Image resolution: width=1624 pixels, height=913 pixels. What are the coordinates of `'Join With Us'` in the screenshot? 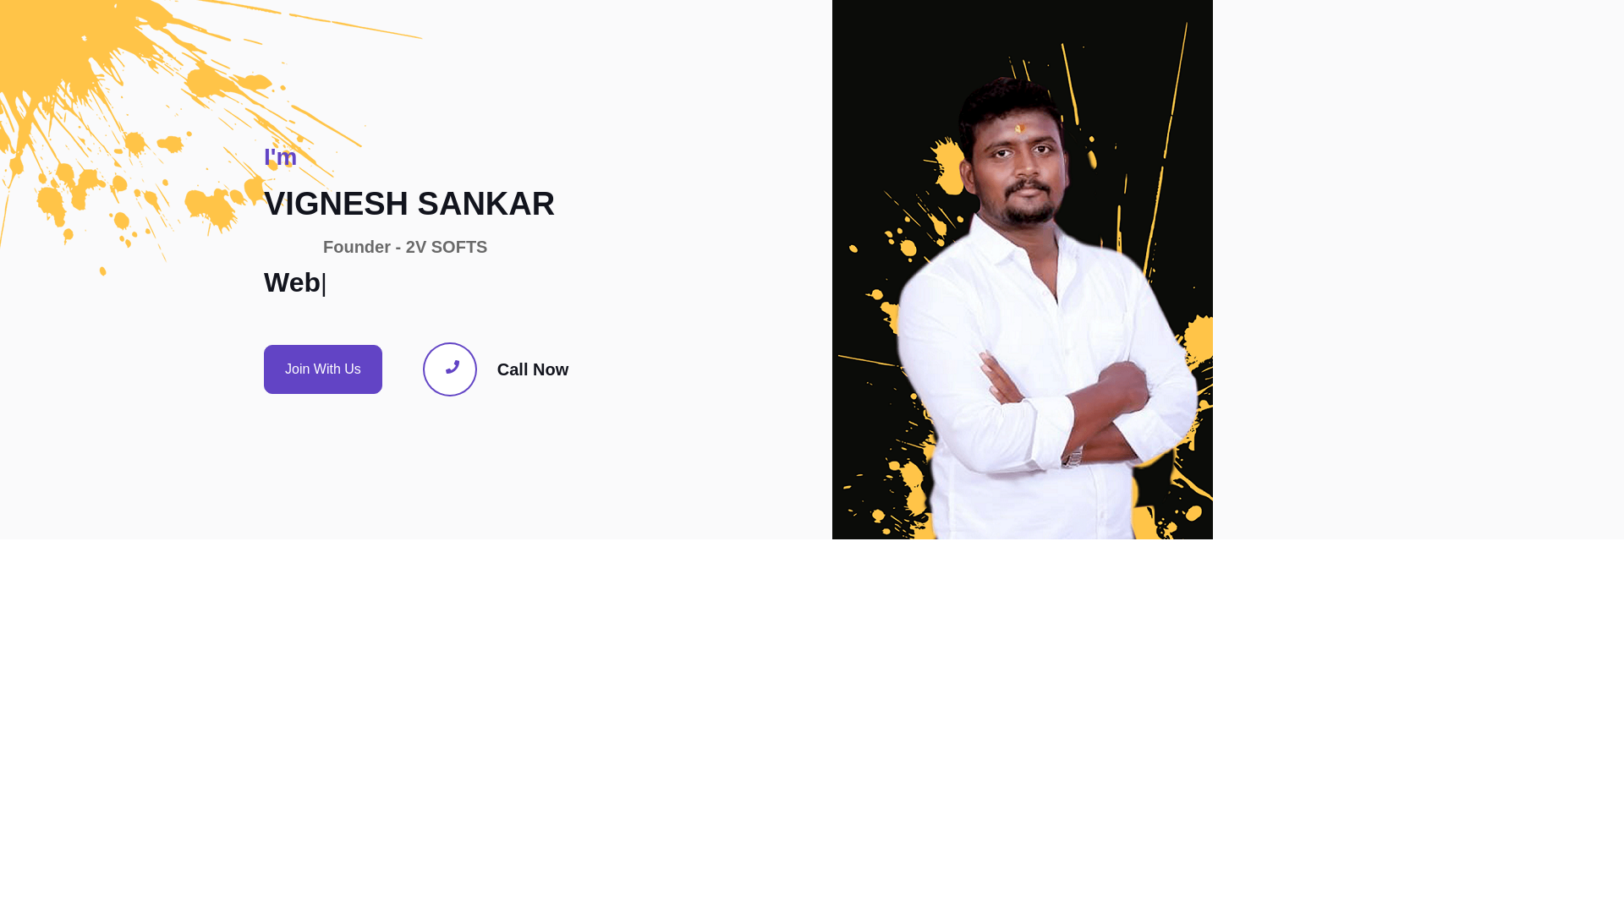 It's located at (263, 368).